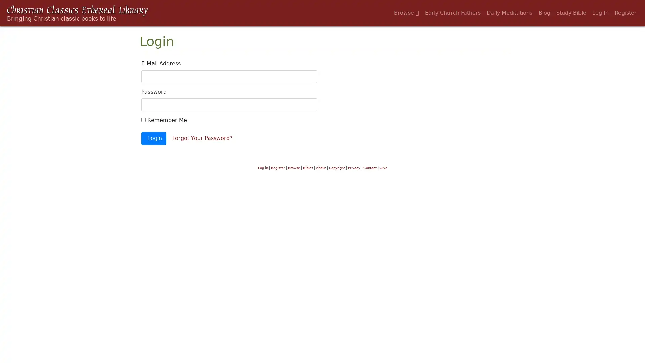 The image size is (645, 363). What do you see at coordinates (509, 13) in the screenshot?
I see `Daily Meditations` at bounding box center [509, 13].